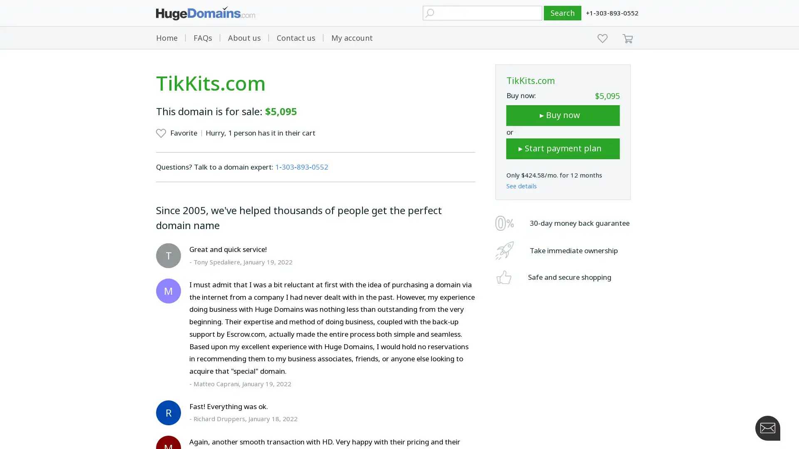 This screenshot has height=449, width=799. Describe the element at coordinates (563, 13) in the screenshot. I see `Search` at that location.